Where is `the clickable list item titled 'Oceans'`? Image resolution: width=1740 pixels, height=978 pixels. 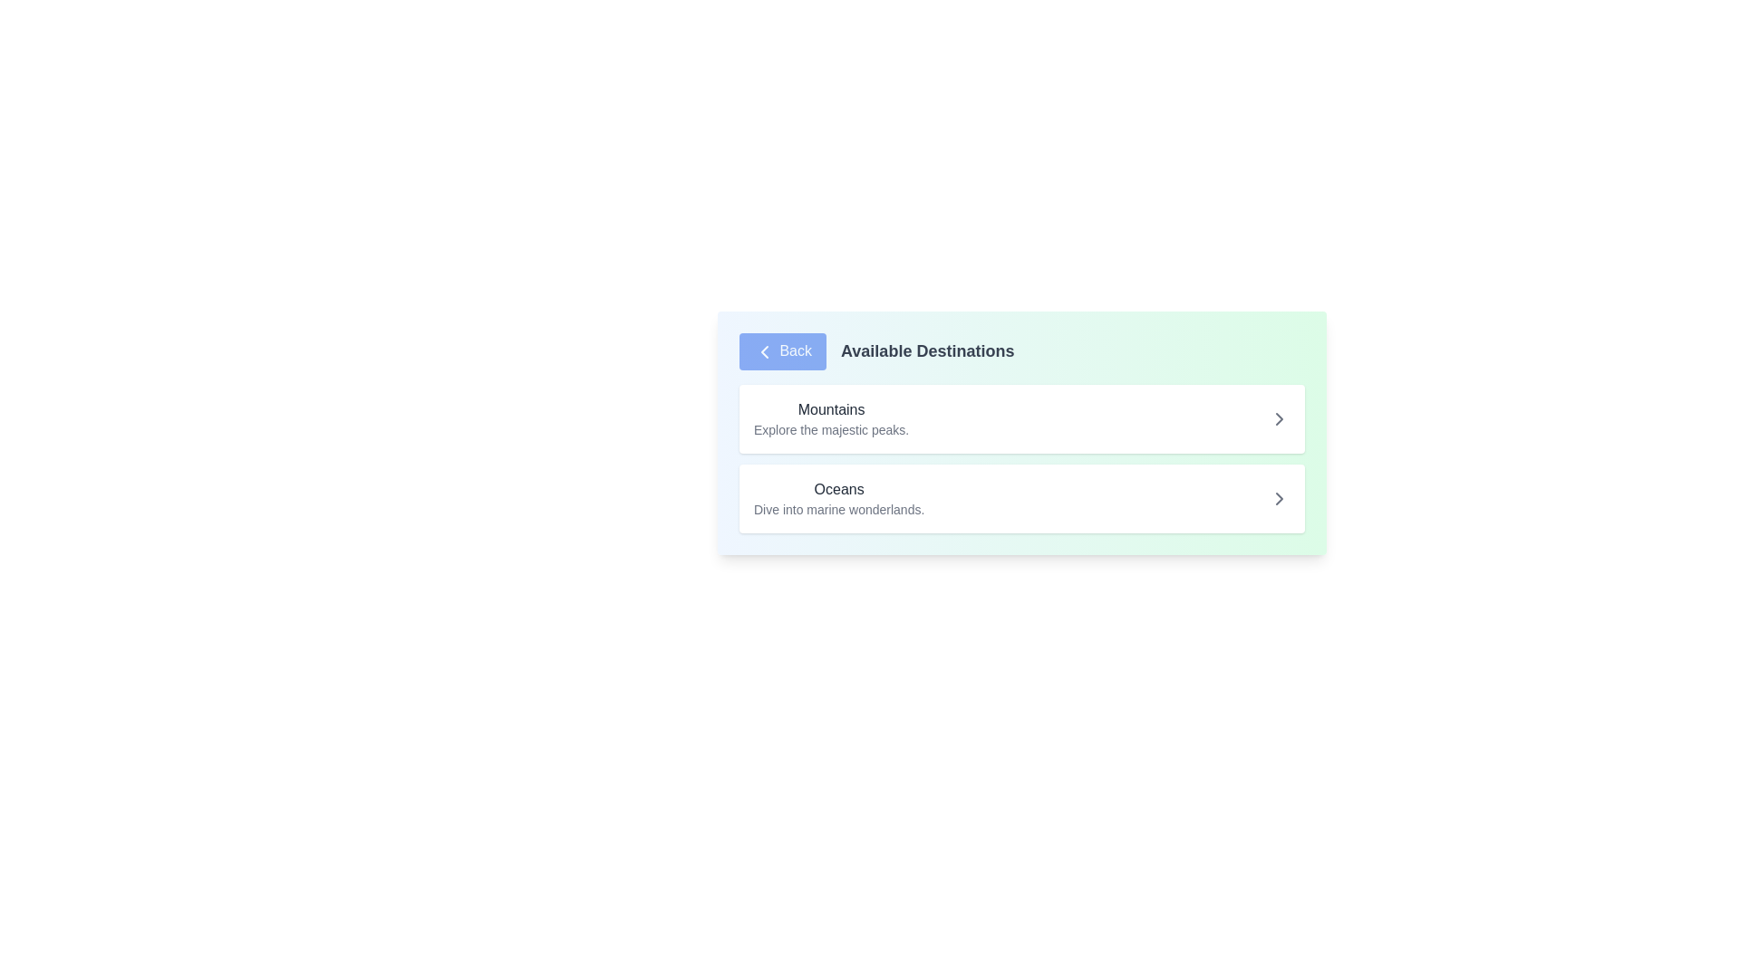 the clickable list item titled 'Oceans' is located at coordinates (838, 498).